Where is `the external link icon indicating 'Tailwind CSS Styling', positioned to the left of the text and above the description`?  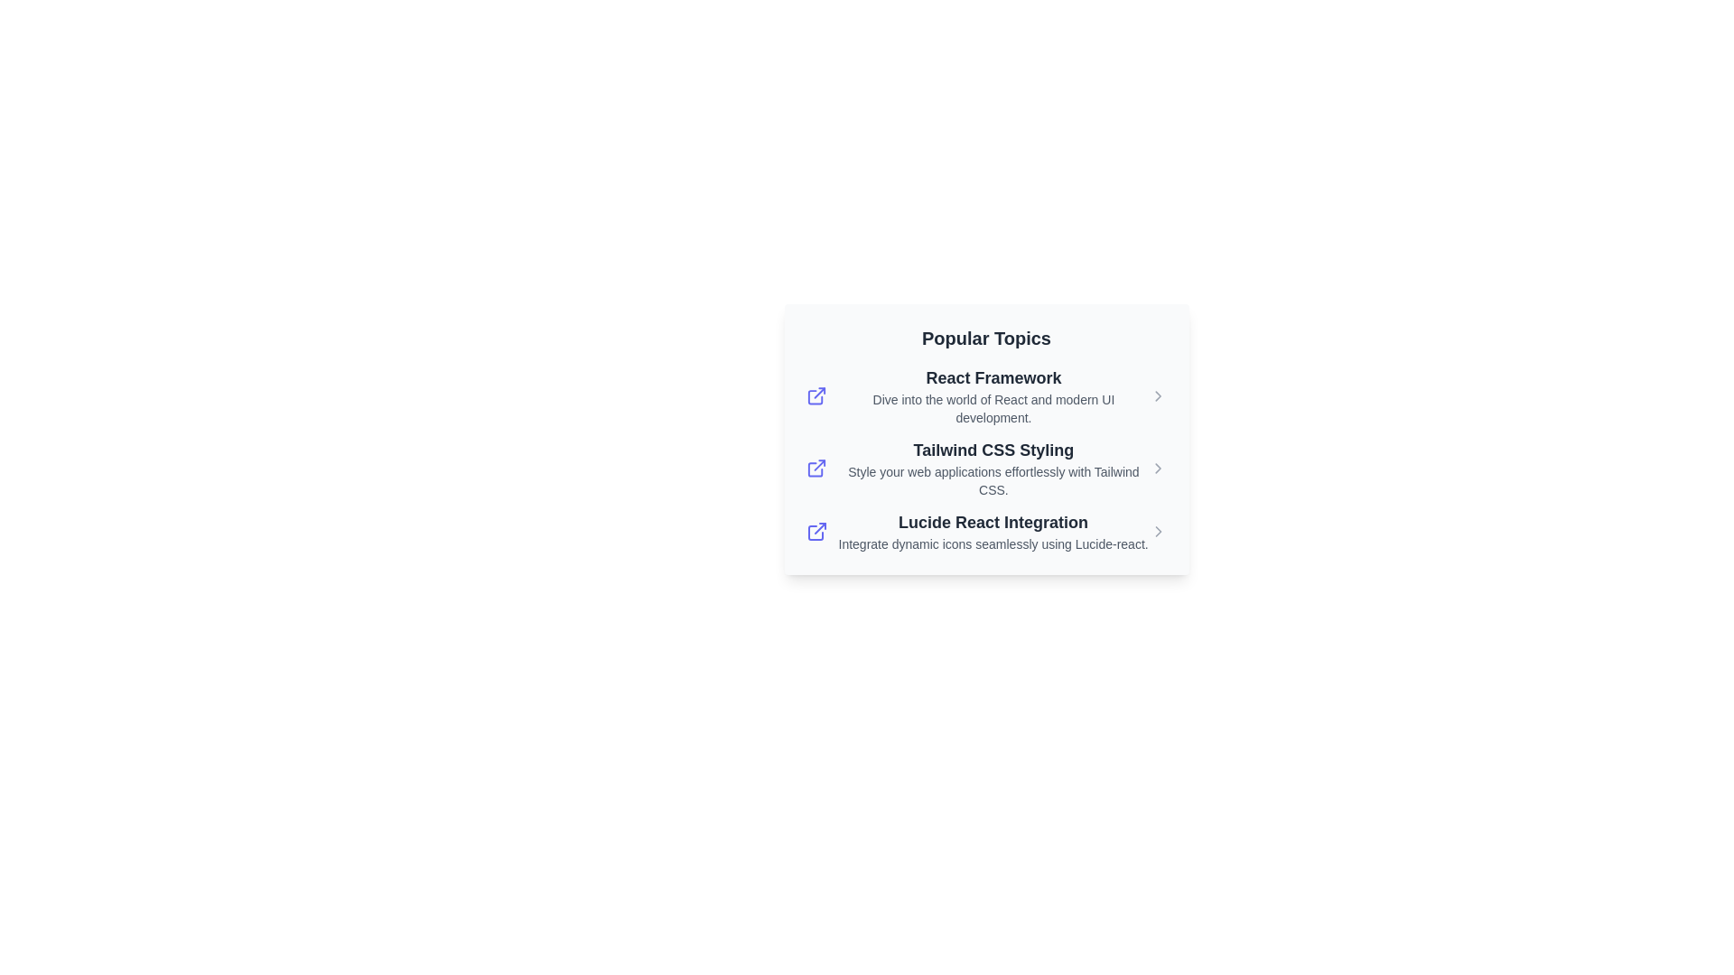 the external link icon indicating 'Tailwind CSS Styling', positioned to the left of the text and above the description is located at coordinates (816, 468).